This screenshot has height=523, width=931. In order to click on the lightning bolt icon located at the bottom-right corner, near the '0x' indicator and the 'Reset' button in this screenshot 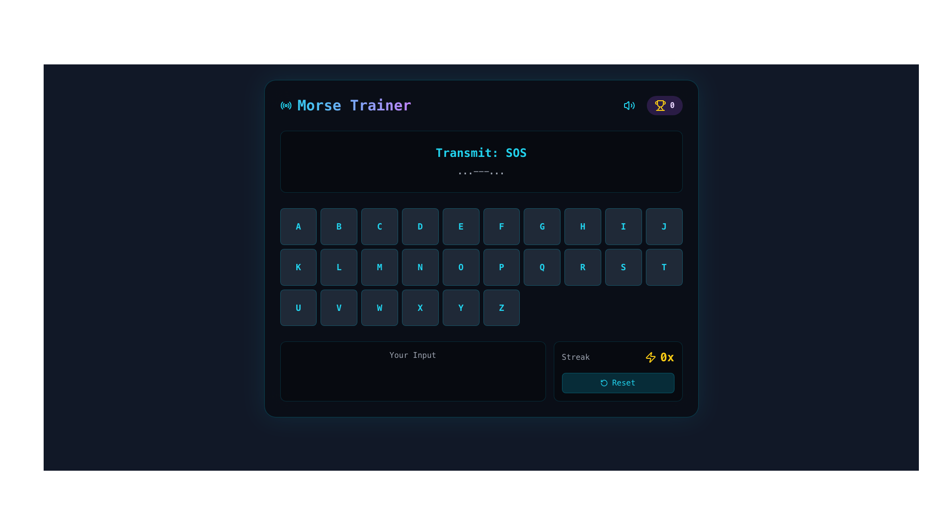, I will do `click(650, 357)`.